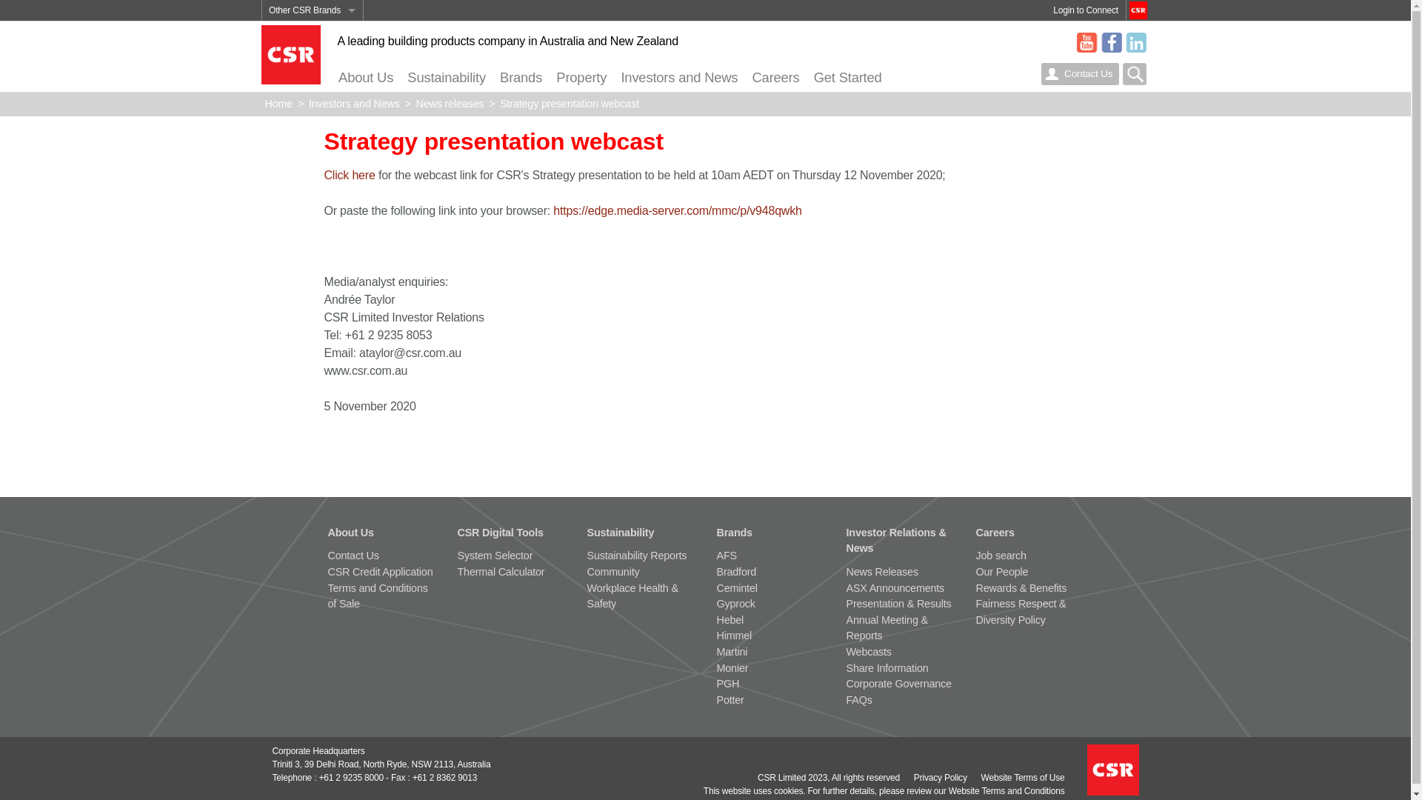  Describe the element at coordinates (732, 650) in the screenshot. I see `'Martini'` at that location.